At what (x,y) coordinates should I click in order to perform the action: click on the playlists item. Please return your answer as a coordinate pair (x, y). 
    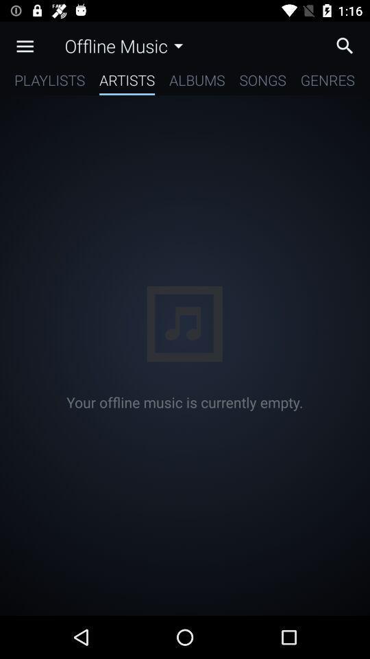
    Looking at the image, I should click on (49, 82).